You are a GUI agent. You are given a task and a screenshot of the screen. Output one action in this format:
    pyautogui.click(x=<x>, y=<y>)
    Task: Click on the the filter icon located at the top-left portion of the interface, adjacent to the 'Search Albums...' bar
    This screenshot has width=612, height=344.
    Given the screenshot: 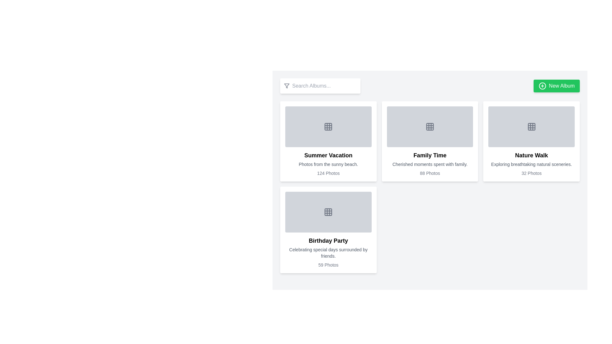 What is the action you would take?
    pyautogui.click(x=286, y=86)
    